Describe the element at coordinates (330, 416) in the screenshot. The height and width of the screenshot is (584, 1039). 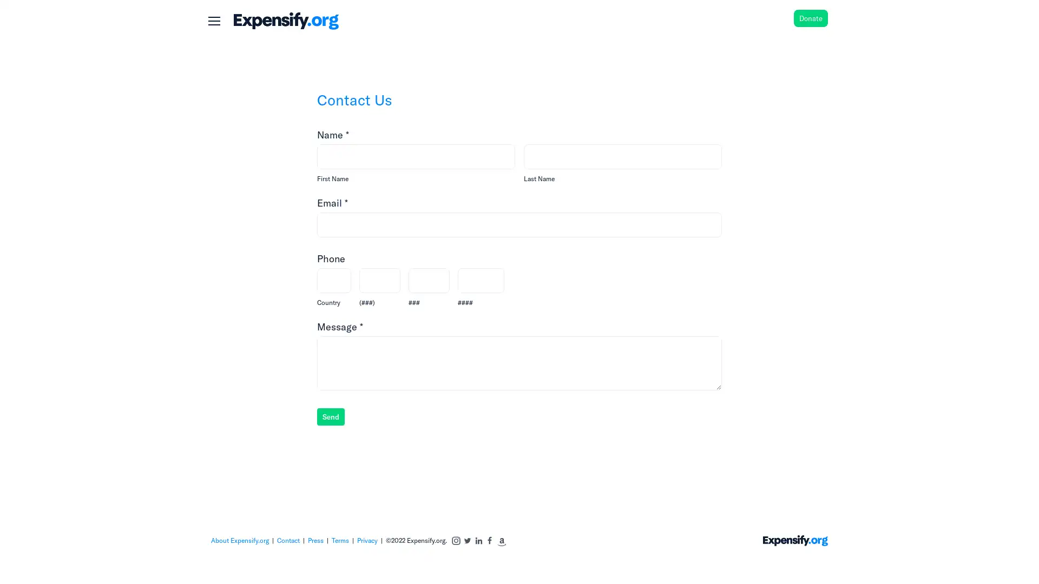
I see `Send` at that location.